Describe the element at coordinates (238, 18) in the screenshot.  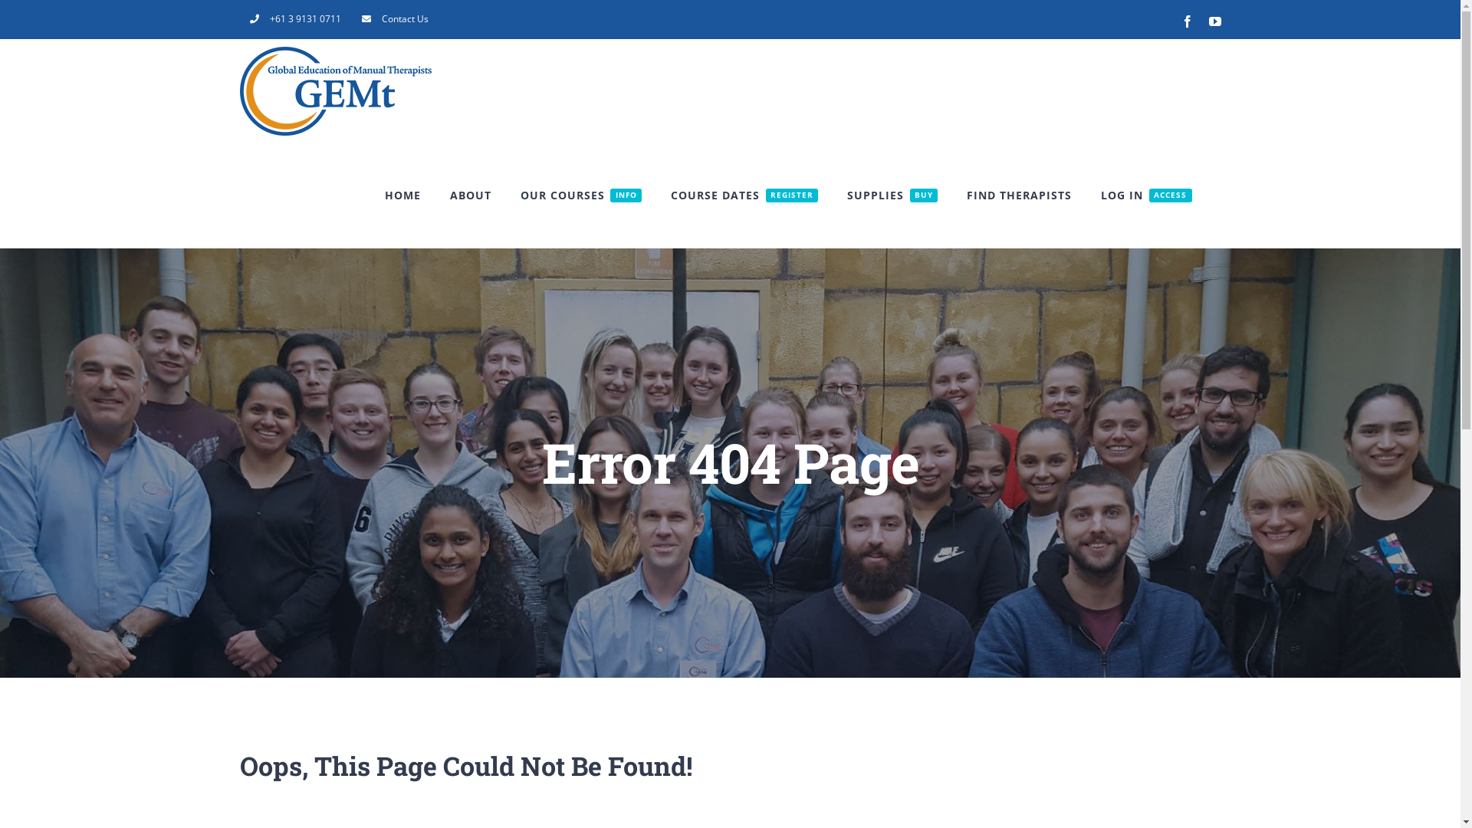
I see `'+61 3 9131 0711'` at that location.